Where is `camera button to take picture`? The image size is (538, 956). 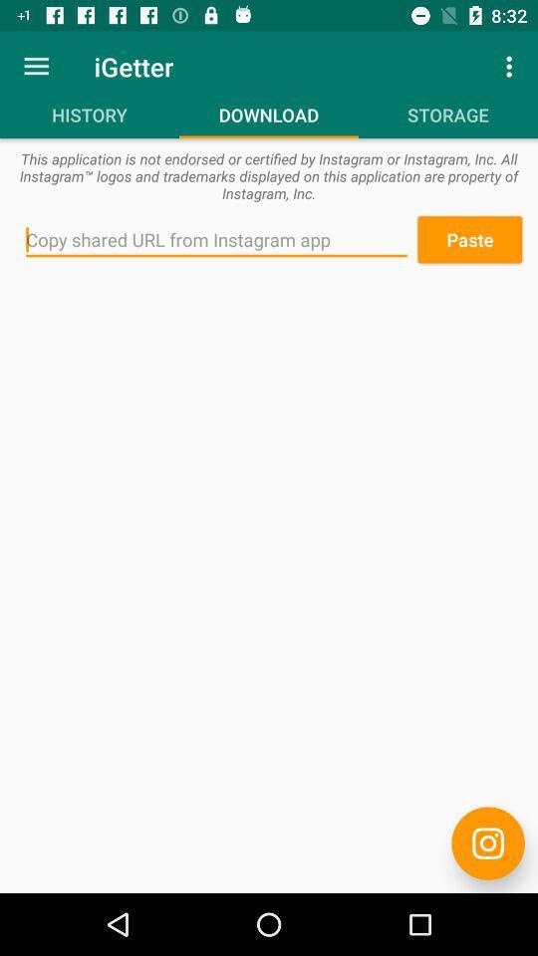 camera button to take picture is located at coordinates (487, 842).